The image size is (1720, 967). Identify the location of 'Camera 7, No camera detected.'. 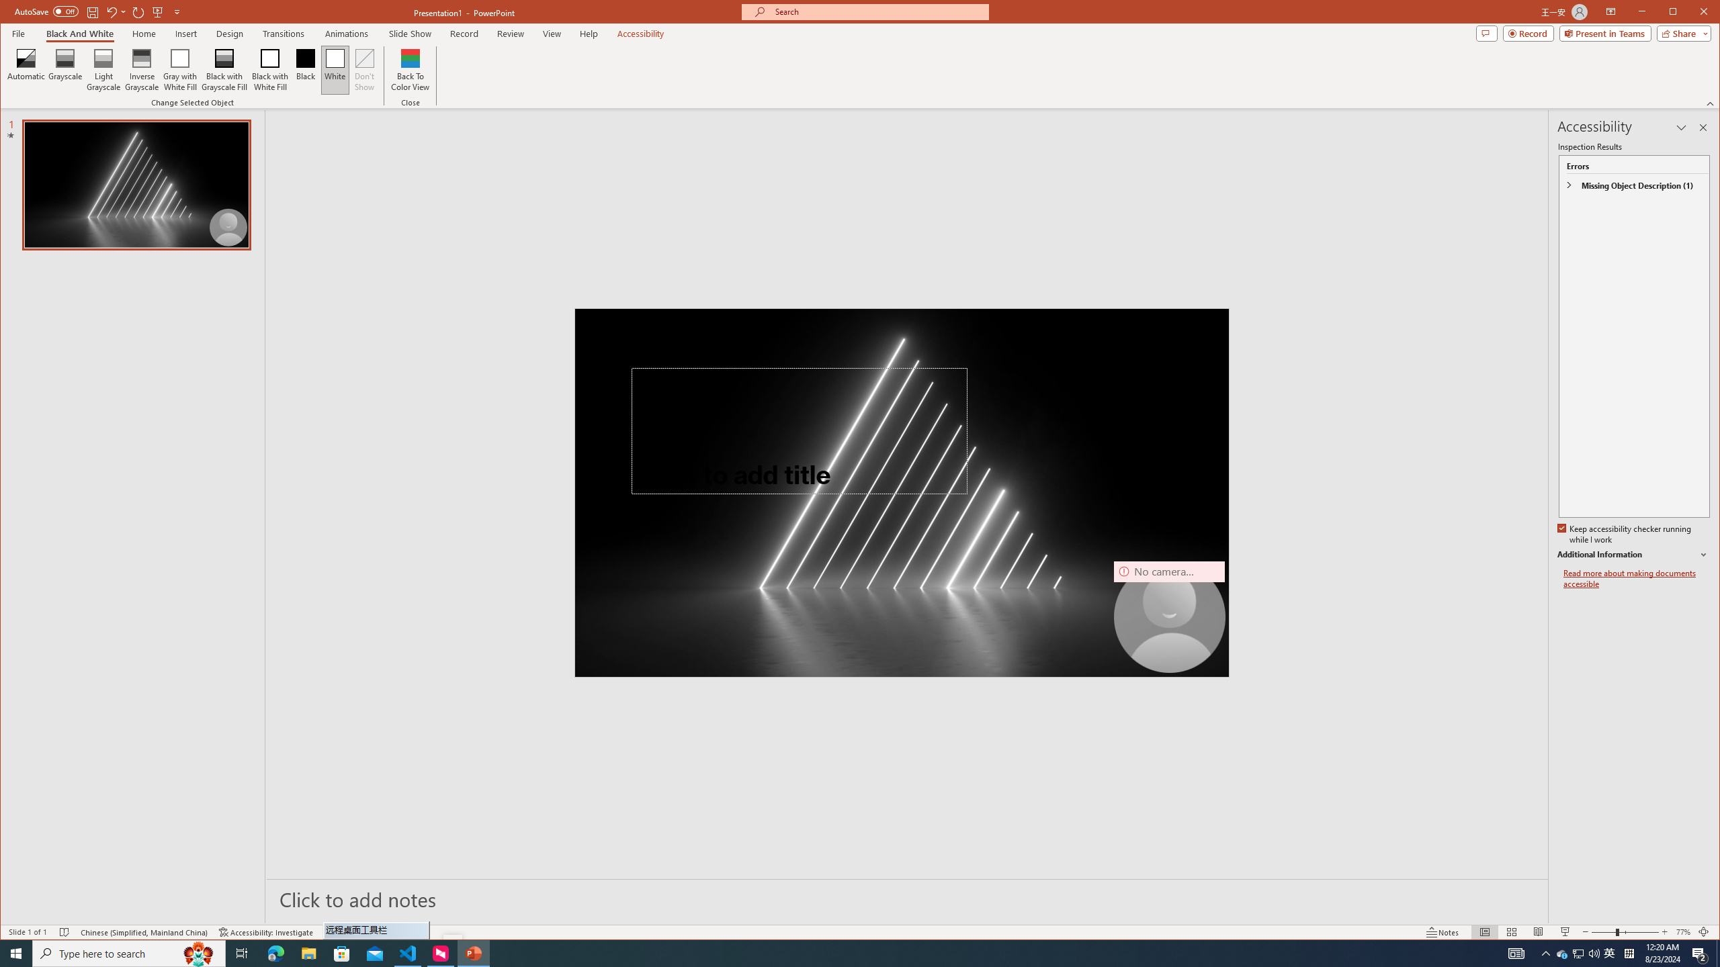
(1169, 616).